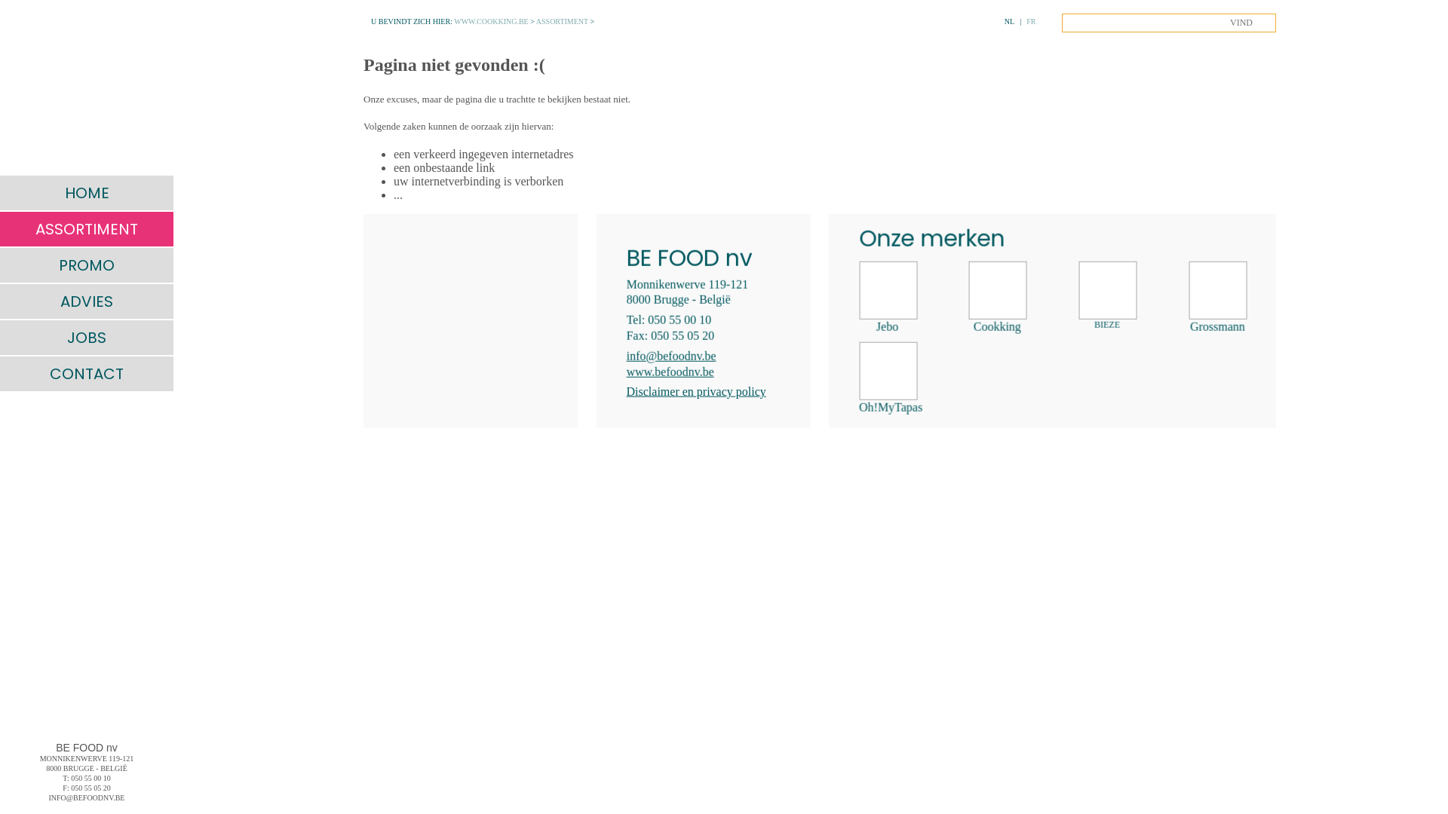  I want to click on 'HOME', so click(86, 191).